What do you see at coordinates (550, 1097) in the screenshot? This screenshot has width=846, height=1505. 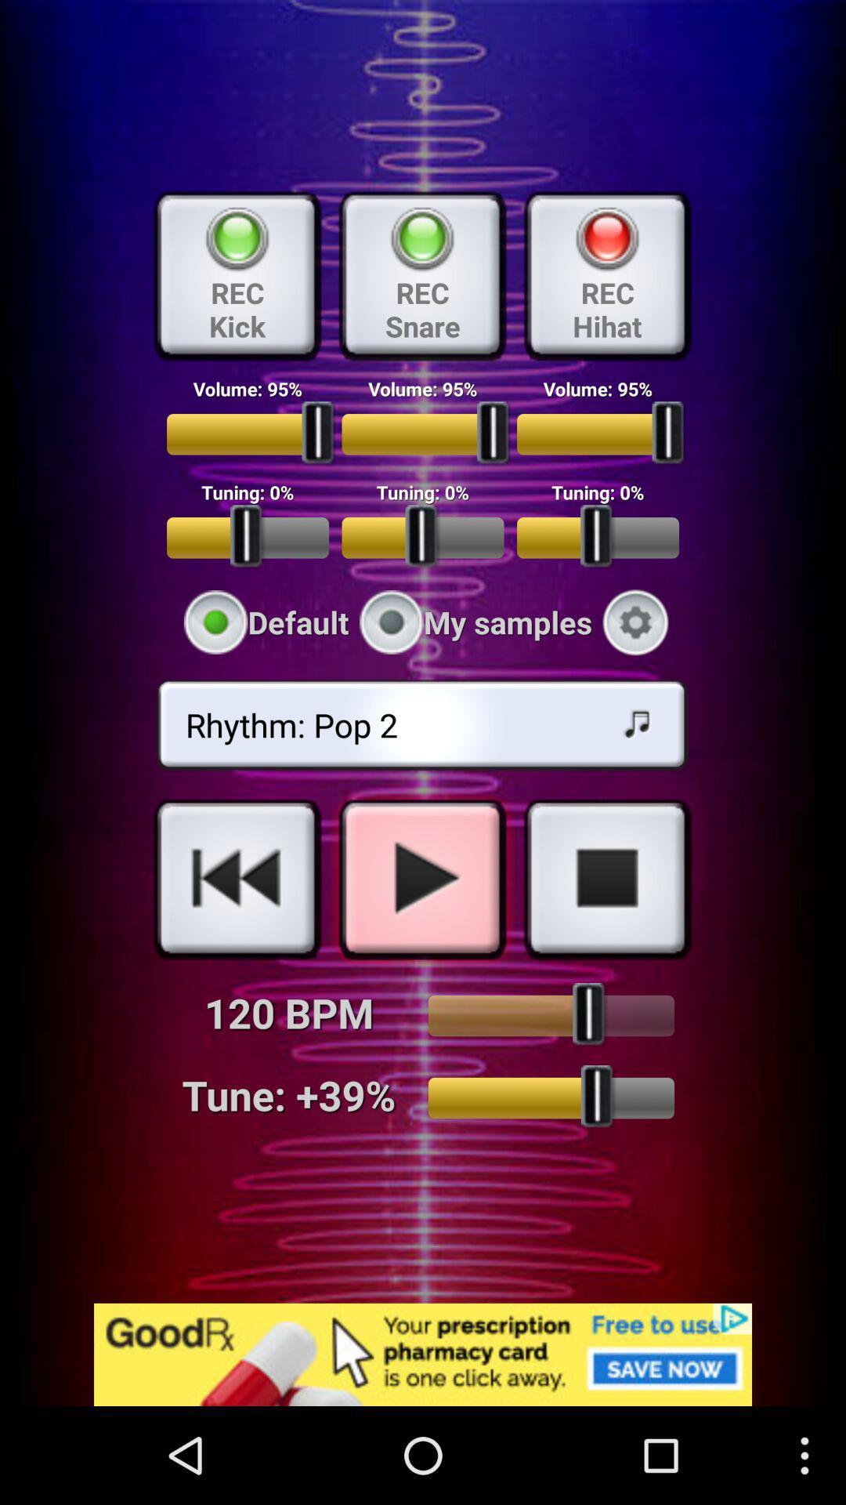 I see `adjust the tuner` at bounding box center [550, 1097].